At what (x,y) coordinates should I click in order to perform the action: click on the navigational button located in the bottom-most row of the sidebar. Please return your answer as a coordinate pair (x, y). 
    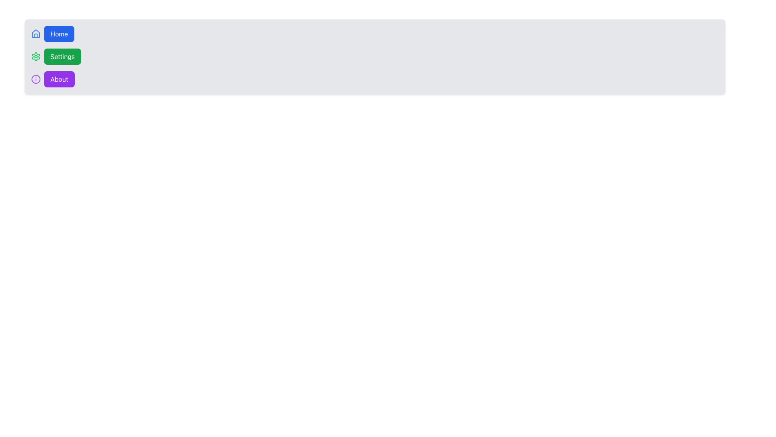
    Looking at the image, I should click on (59, 79).